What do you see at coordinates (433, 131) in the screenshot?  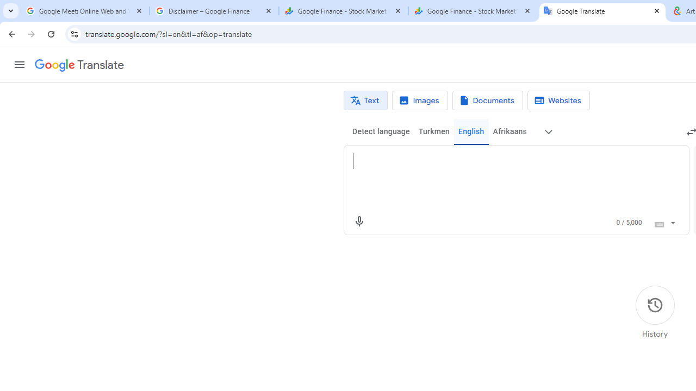 I see `'Turkmen'` at bounding box center [433, 131].